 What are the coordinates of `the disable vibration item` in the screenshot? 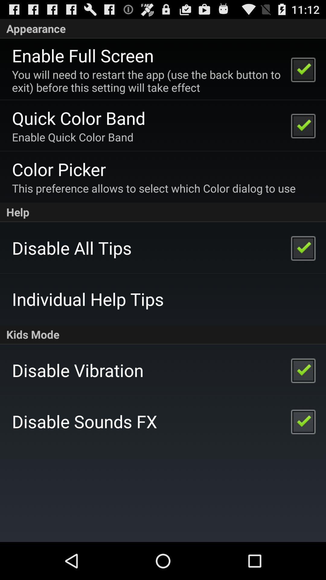 It's located at (77, 370).